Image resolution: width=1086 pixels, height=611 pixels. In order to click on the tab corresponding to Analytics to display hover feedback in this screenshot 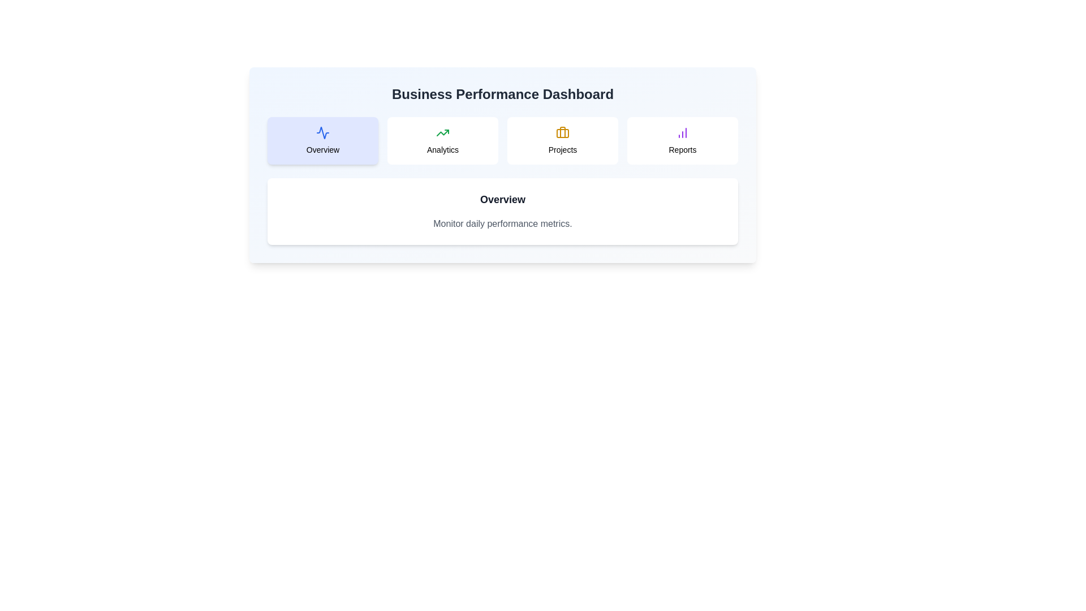, I will do `click(442, 140)`.